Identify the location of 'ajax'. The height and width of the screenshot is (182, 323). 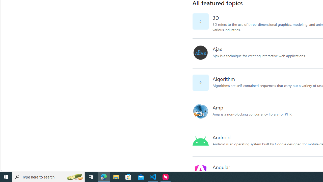
(200, 53).